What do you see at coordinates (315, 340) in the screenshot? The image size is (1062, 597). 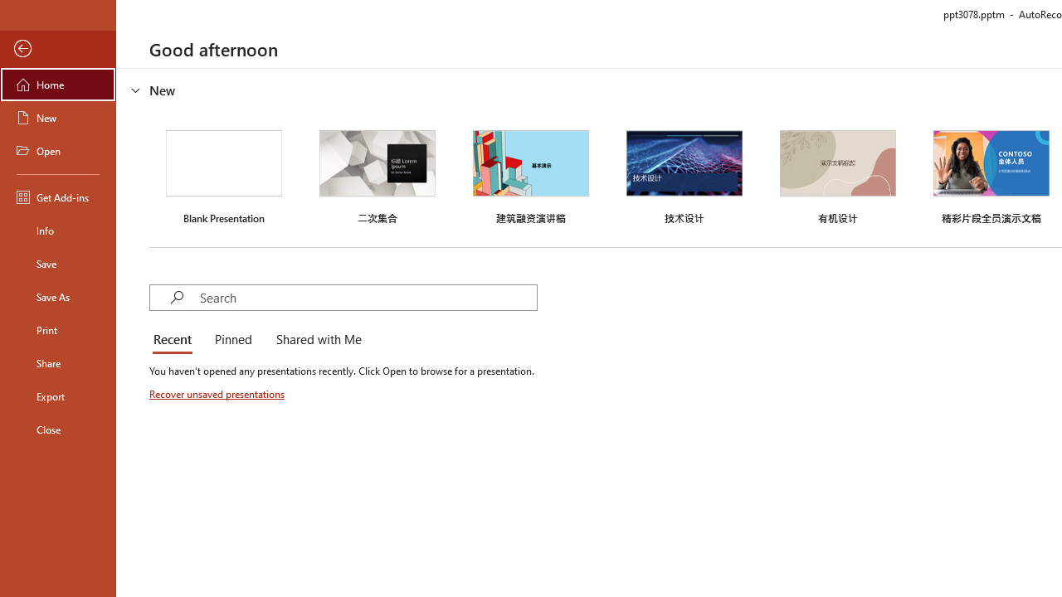 I see `'Shared with Me'` at bounding box center [315, 340].